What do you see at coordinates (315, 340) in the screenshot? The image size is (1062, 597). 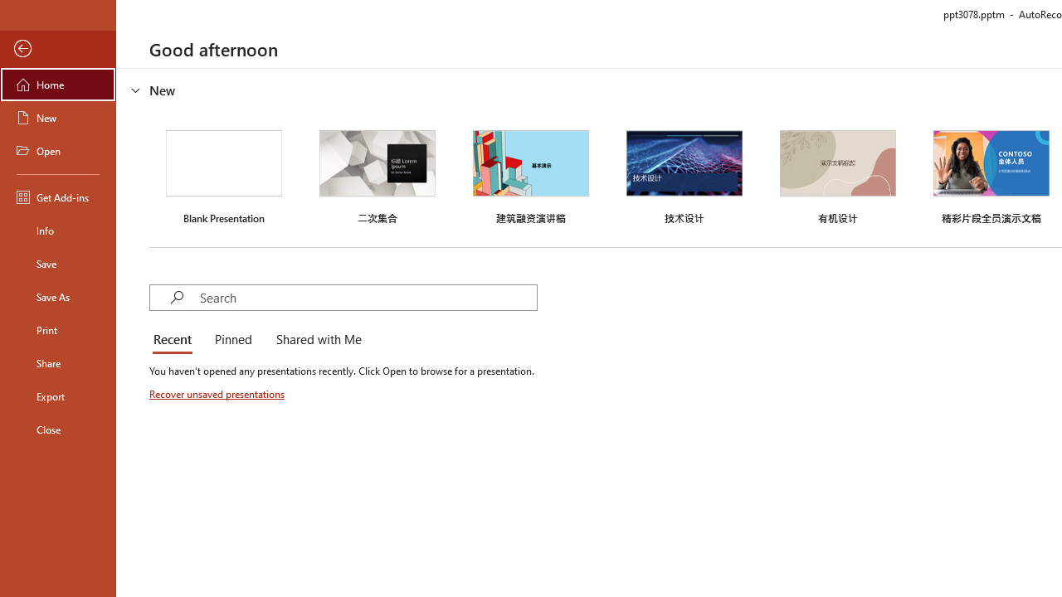 I see `'Shared with Me'` at bounding box center [315, 340].